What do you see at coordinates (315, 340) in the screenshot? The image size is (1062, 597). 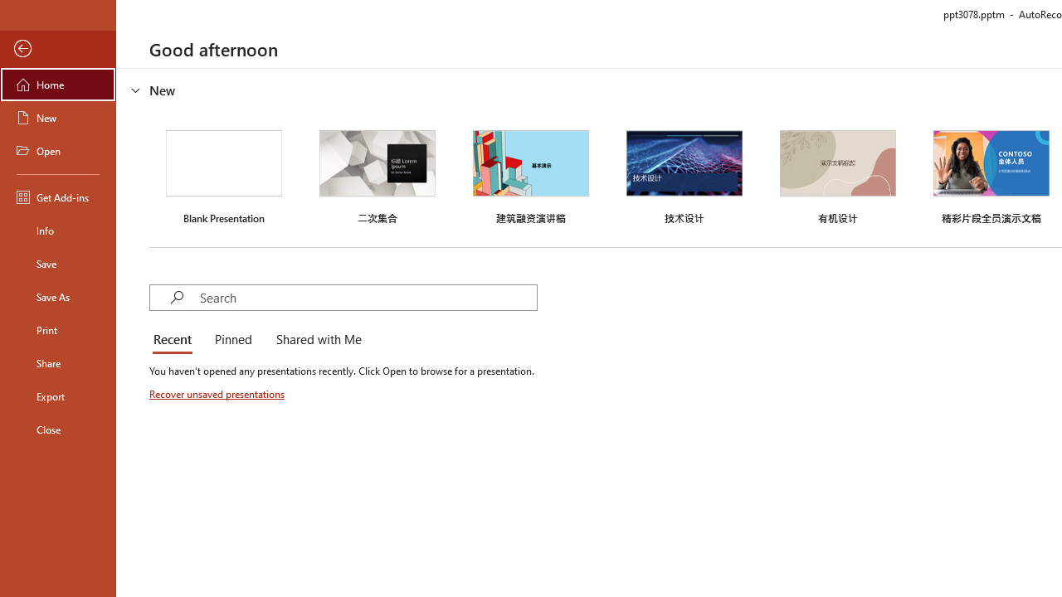 I see `'Shared with Me'` at bounding box center [315, 340].